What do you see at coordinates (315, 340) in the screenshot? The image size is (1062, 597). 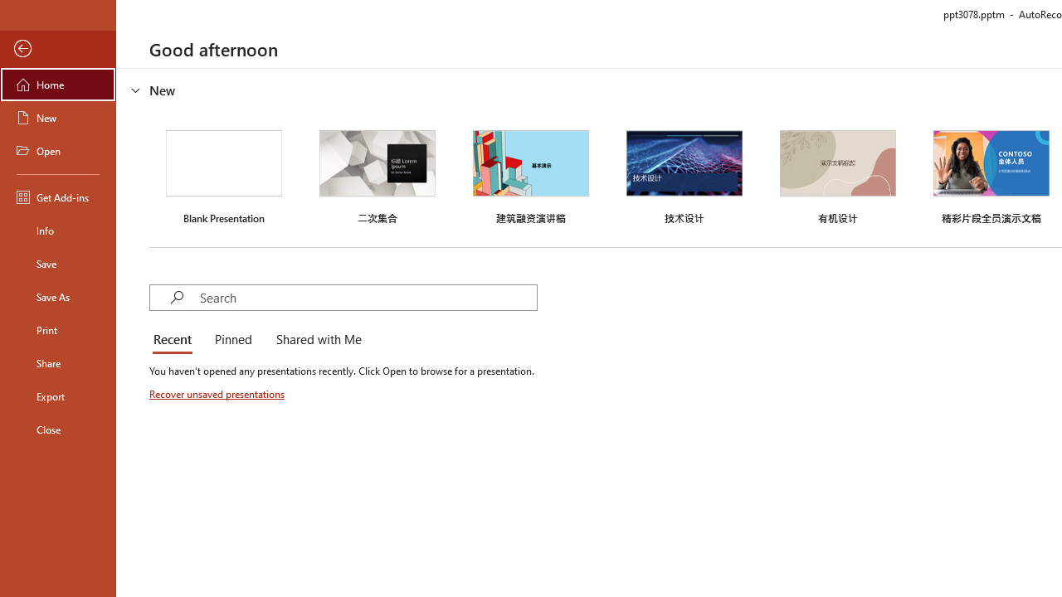 I see `'Shared with Me'` at bounding box center [315, 340].